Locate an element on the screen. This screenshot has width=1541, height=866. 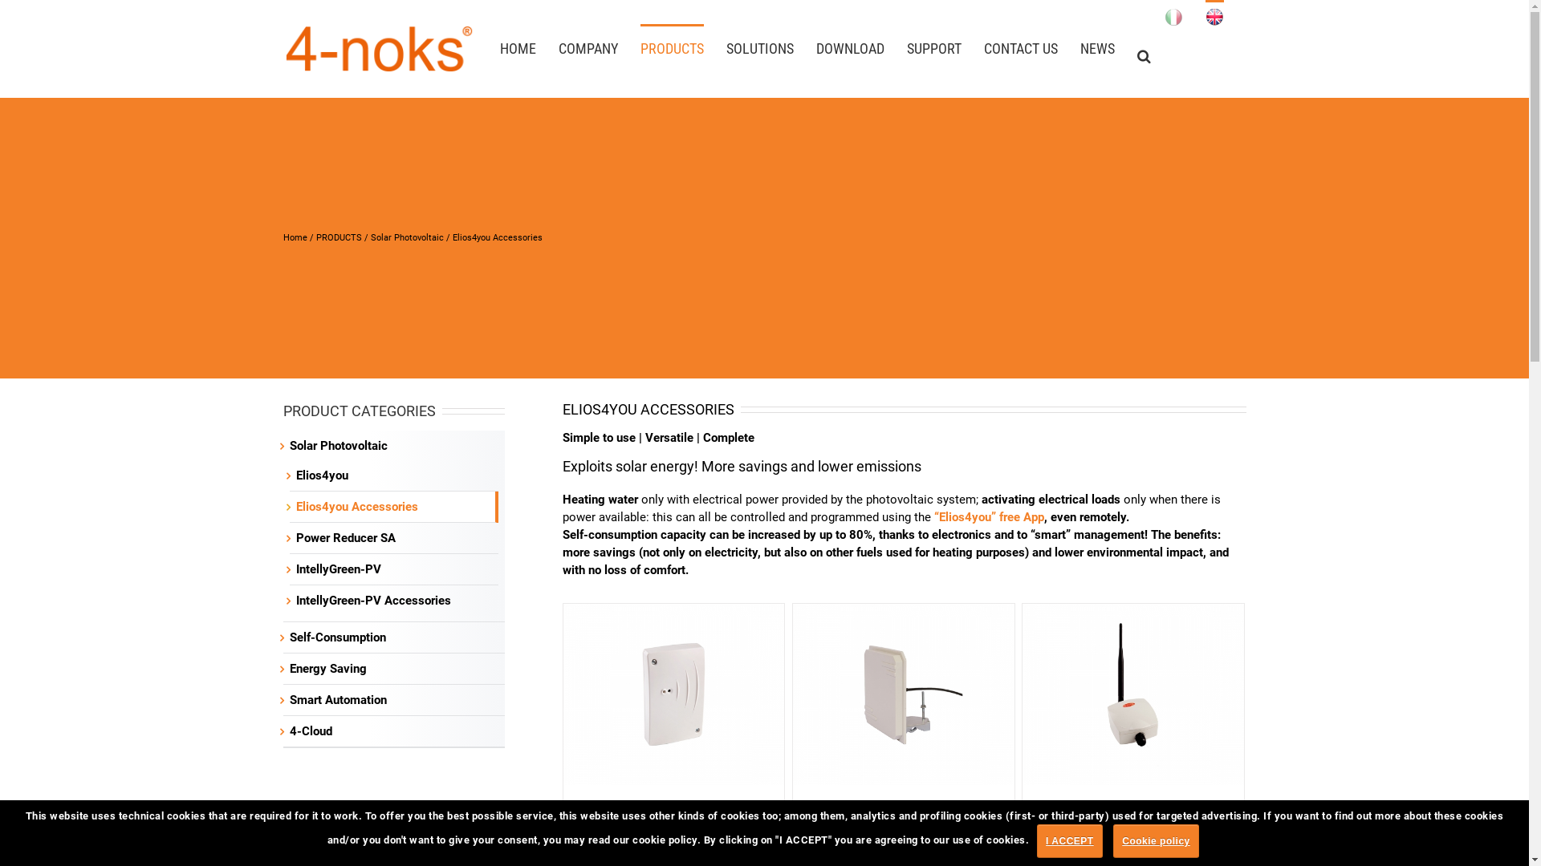
'Solar Photovoltaic' is located at coordinates (337, 445).